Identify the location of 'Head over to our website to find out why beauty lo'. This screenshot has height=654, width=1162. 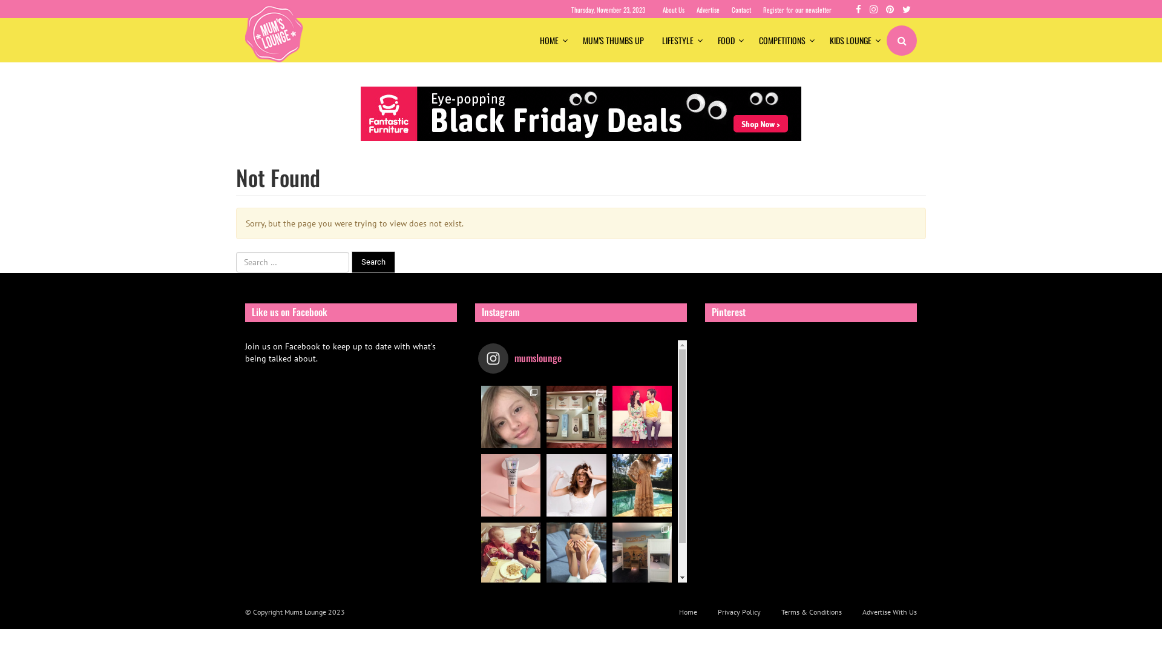
(511, 484).